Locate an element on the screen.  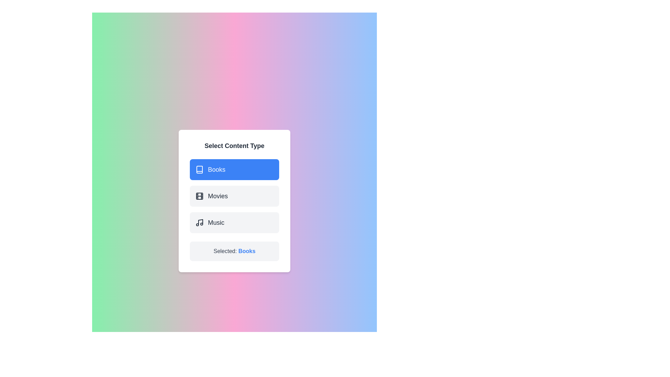
the 'Selected: Books' text label indicating the selected content type if it is interactive is located at coordinates (247, 251).